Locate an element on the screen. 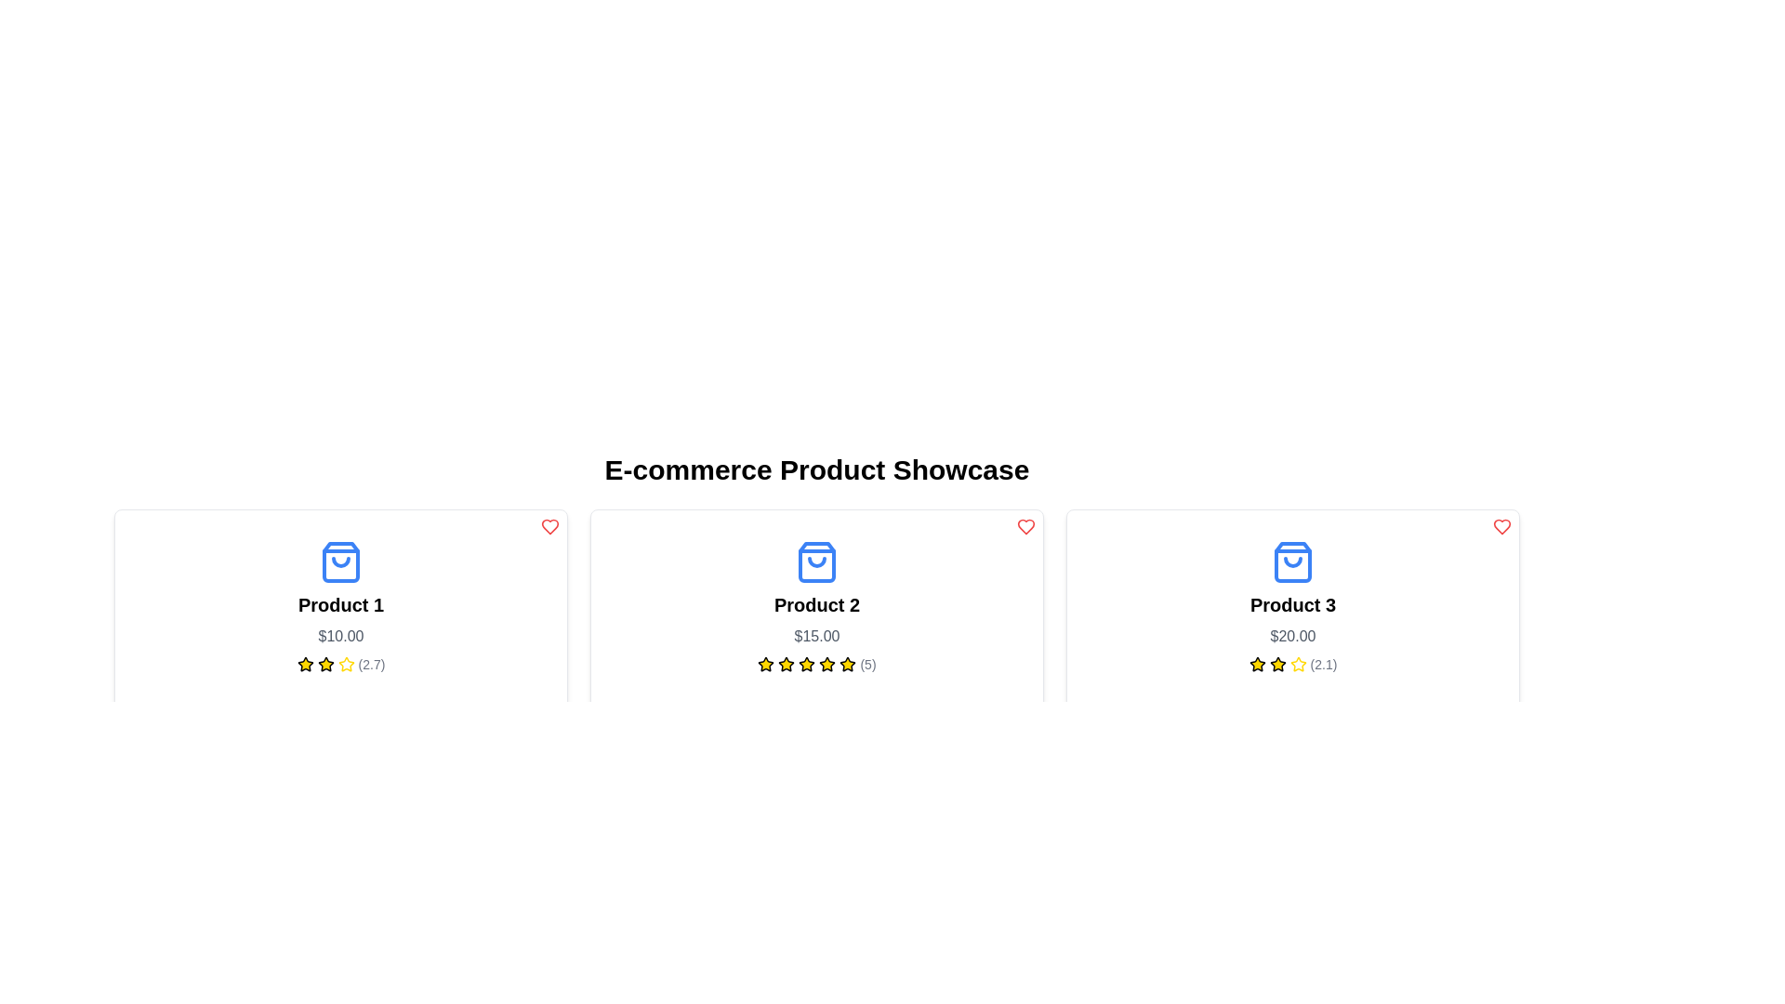 The height and width of the screenshot is (1004, 1785). the second star icon is located at coordinates (346, 663).